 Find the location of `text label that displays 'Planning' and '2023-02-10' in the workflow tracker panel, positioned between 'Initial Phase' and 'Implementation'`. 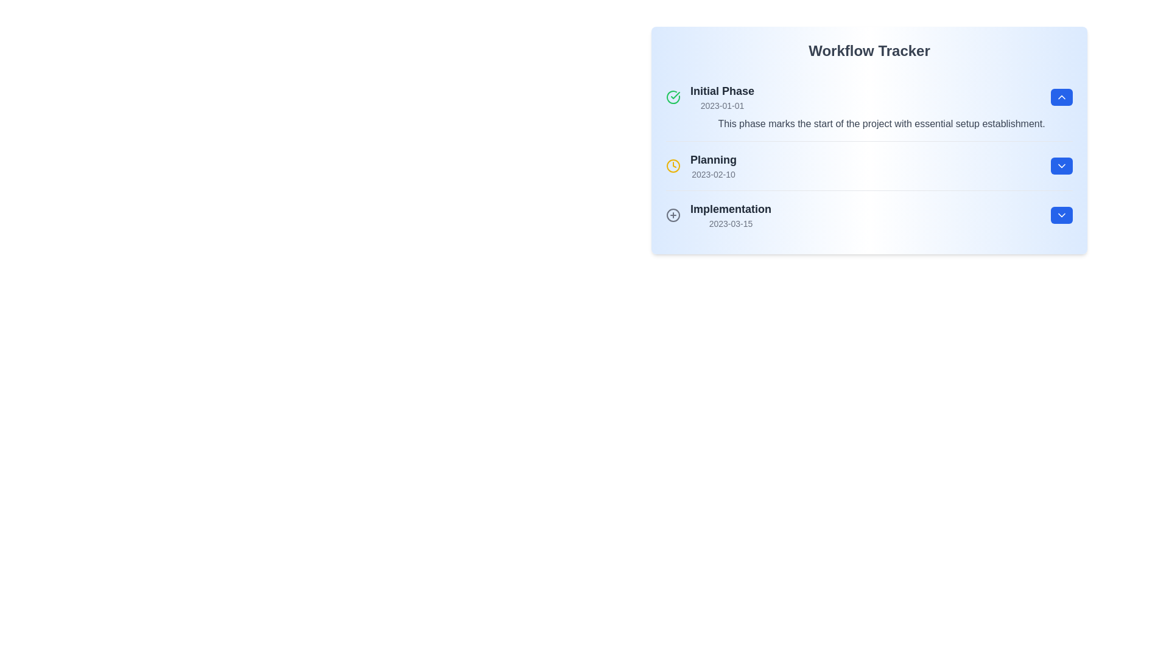

text label that displays 'Planning' and '2023-02-10' in the workflow tracker panel, positioned between 'Initial Phase' and 'Implementation' is located at coordinates (713, 166).